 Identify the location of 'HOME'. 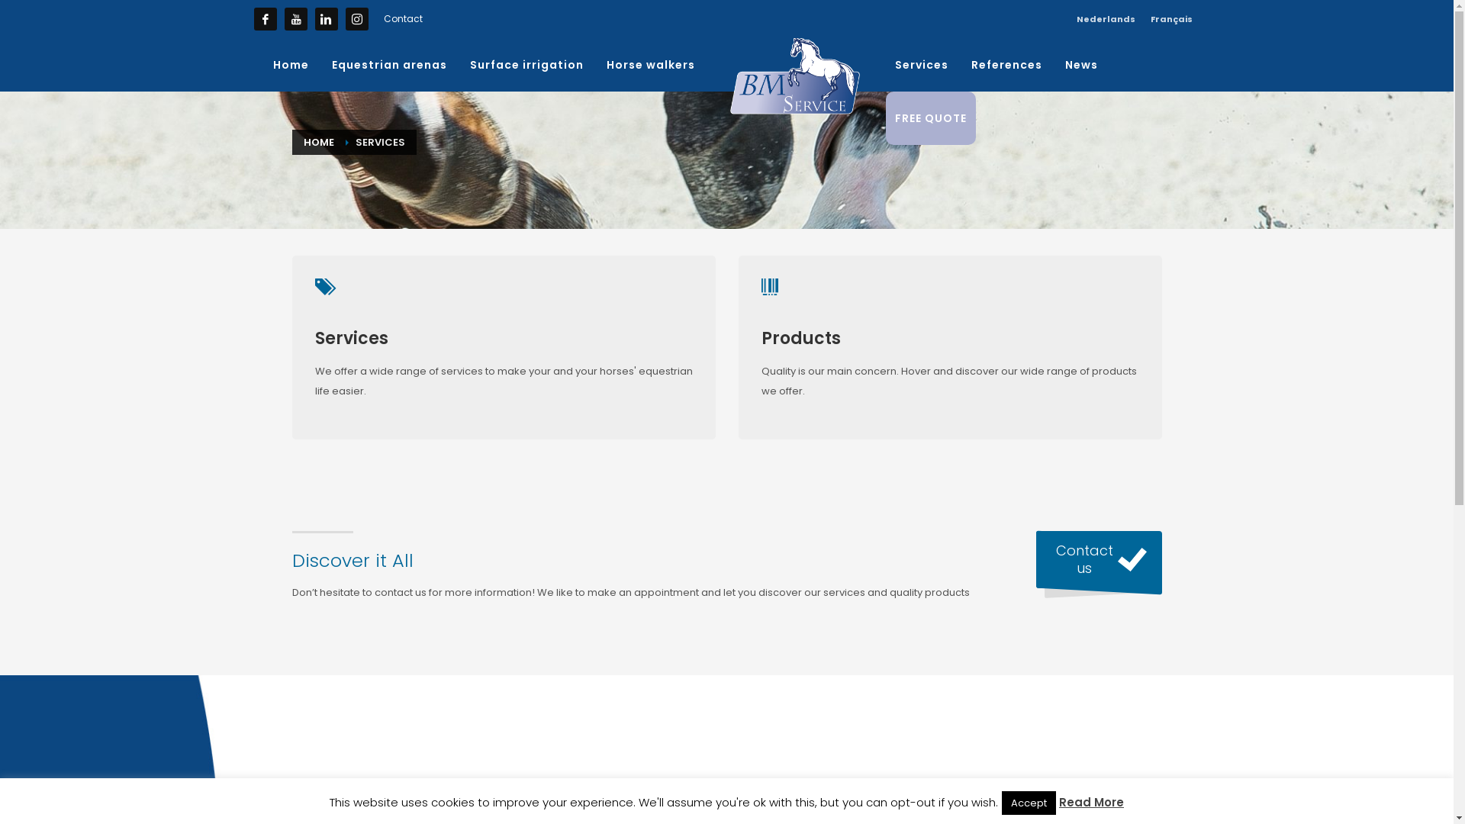
(304, 142).